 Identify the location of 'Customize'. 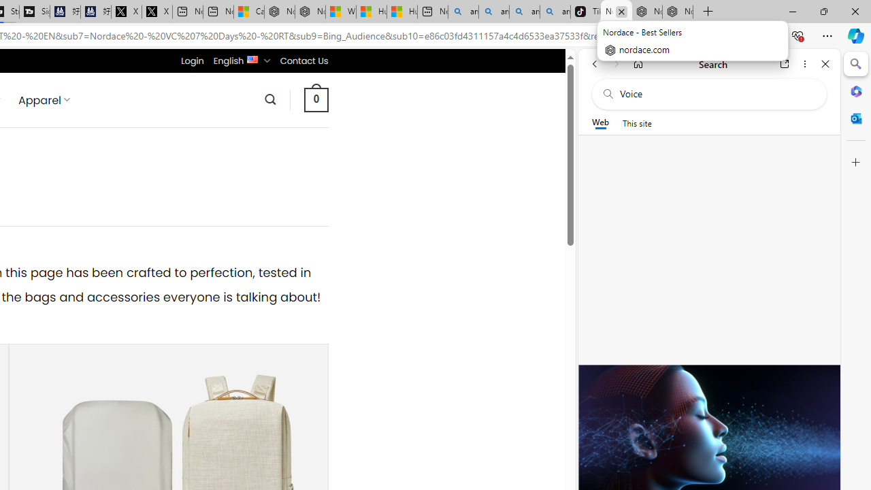
(855, 162).